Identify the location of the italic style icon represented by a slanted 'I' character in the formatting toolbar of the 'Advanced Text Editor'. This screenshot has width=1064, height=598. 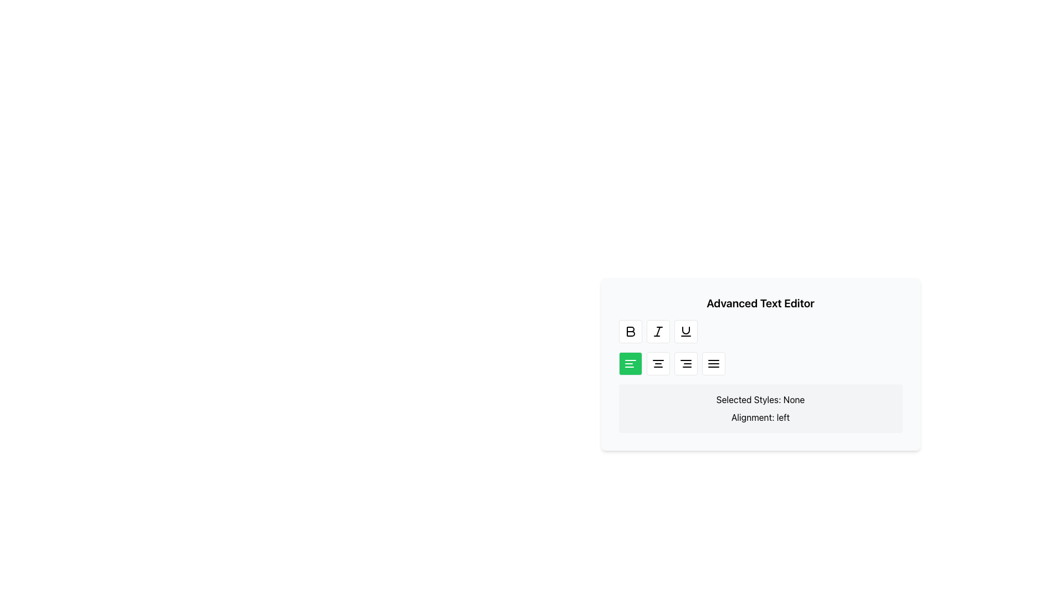
(658, 331).